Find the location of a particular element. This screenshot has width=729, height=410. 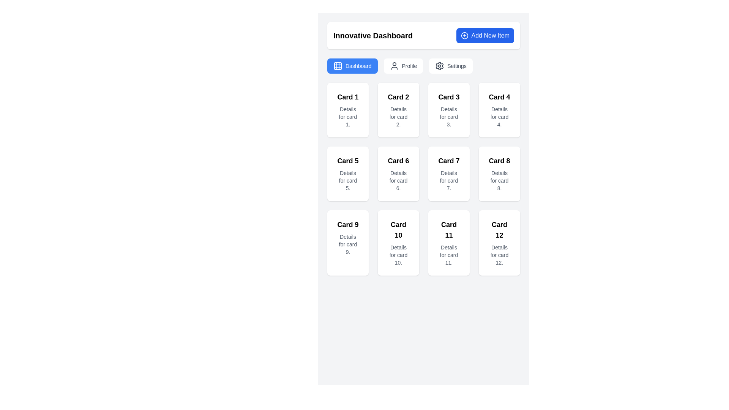

the blue 'Add New Item' button icon located at the top-right corner of the page, which features a plus sign to indicate its function of adding a new item is located at coordinates (464, 35).